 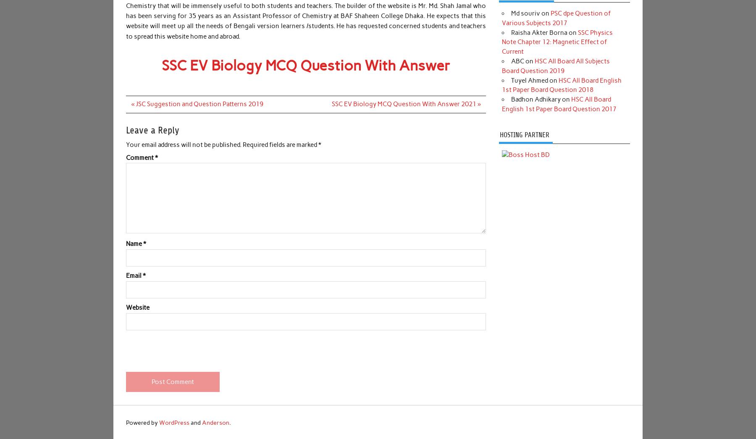 What do you see at coordinates (556, 17) in the screenshot?
I see `'PSC dpe Question of Various Subjects 2017'` at bounding box center [556, 17].